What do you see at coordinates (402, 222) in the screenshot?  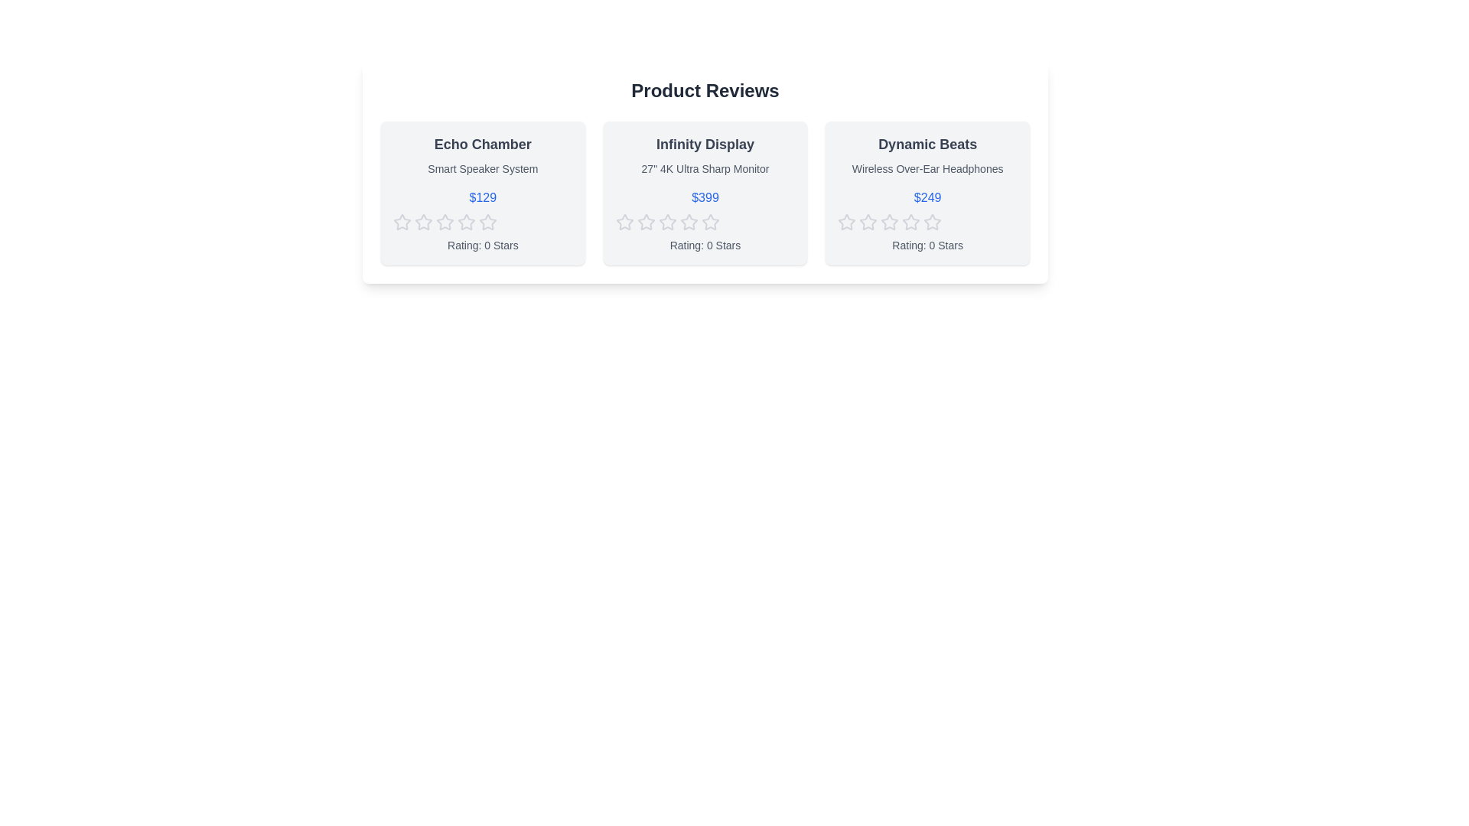 I see `the first rating star icon in the 'Echo Chamber' product review card` at bounding box center [402, 222].